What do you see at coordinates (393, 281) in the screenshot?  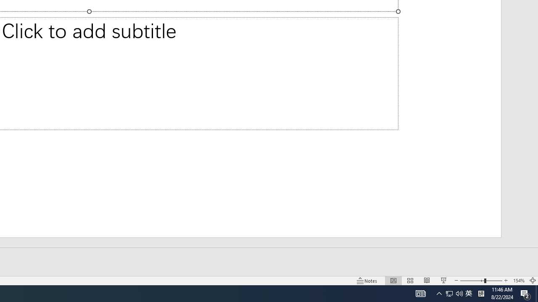 I see `'Normal'` at bounding box center [393, 281].